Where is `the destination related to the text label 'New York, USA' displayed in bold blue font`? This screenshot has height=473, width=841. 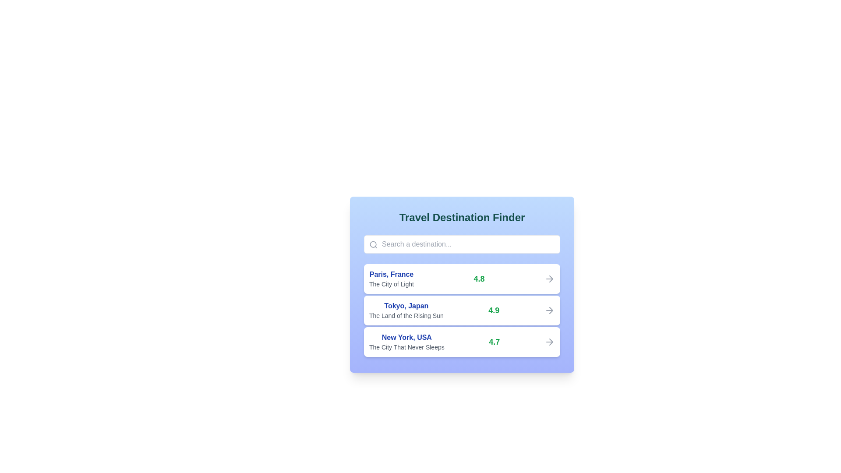 the destination related to the text label 'New York, USA' displayed in bold blue font is located at coordinates (406, 337).